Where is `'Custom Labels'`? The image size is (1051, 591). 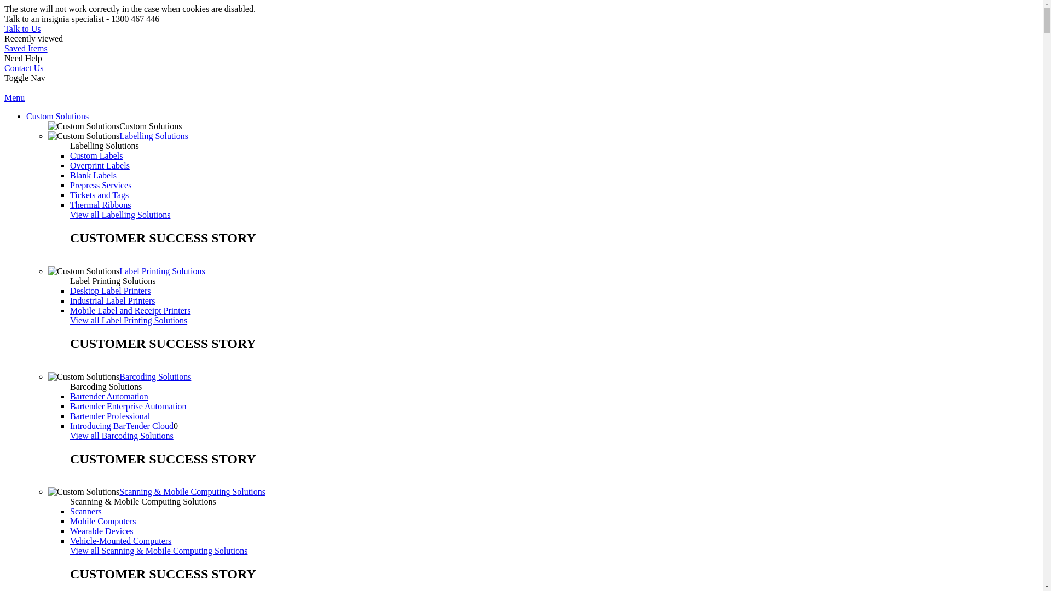 'Custom Labels' is located at coordinates (70, 155).